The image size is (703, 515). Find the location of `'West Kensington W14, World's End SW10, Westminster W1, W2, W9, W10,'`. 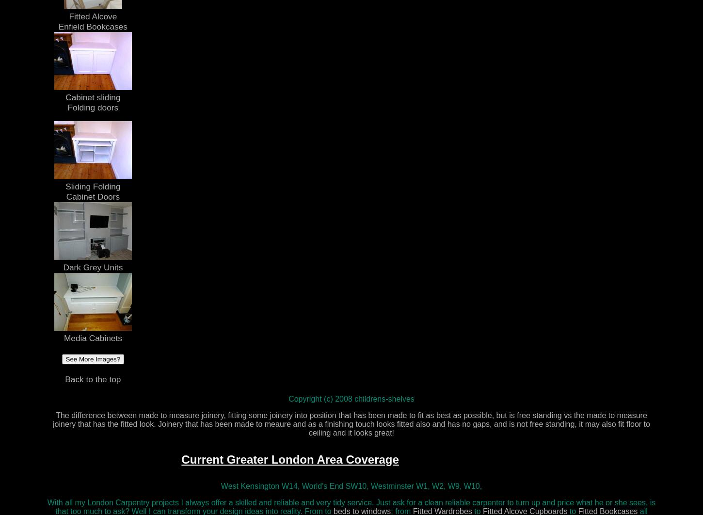

'West Kensington W14, World's End SW10, Westminster W1, W2, W9, W10,' is located at coordinates (351, 485).